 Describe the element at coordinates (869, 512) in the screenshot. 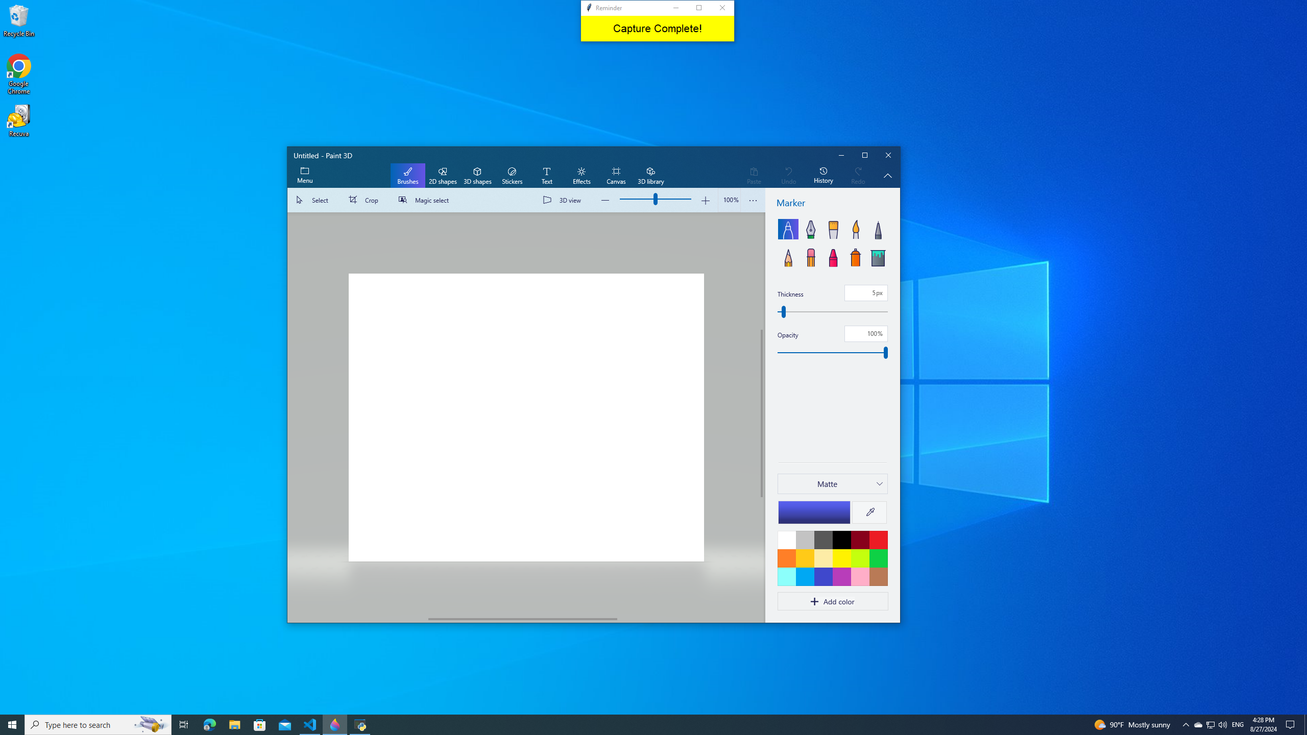

I see `'Eyedropper'` at that location.